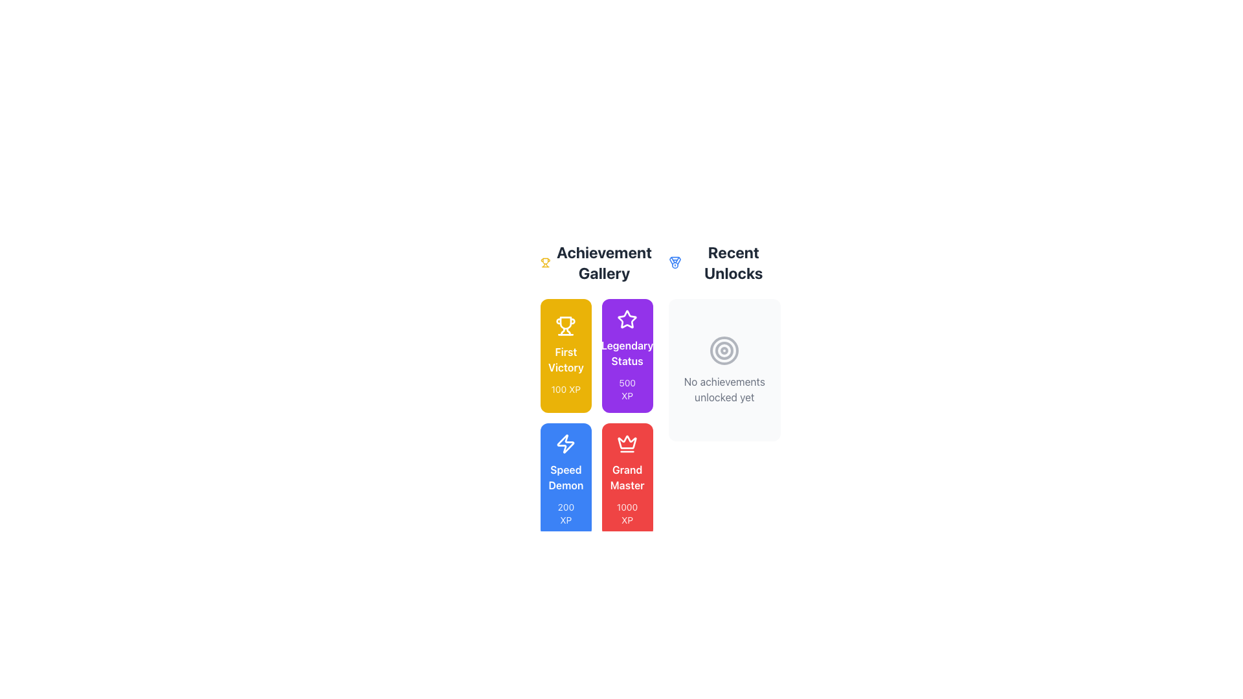 Image resolution: width=1243 pixels, height=699 pixels. What do you see at coordinates (627, 480) in the screenshot?
I see `the 'Grand Master' achievement card in the bottom-right area of the Achievement Gallery, which represents an accomplishment with a reward of 1000 XP` at bounding box center [627, 480].